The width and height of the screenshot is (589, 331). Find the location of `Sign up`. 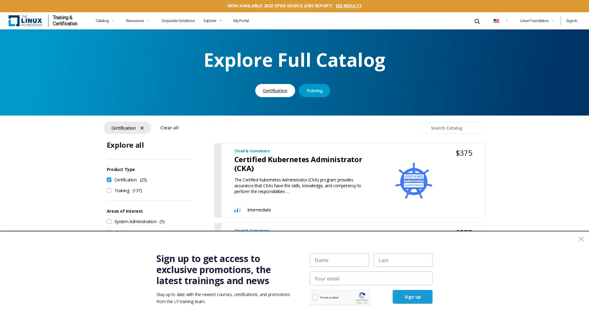

Sign up is located at coordinates (412, 296).